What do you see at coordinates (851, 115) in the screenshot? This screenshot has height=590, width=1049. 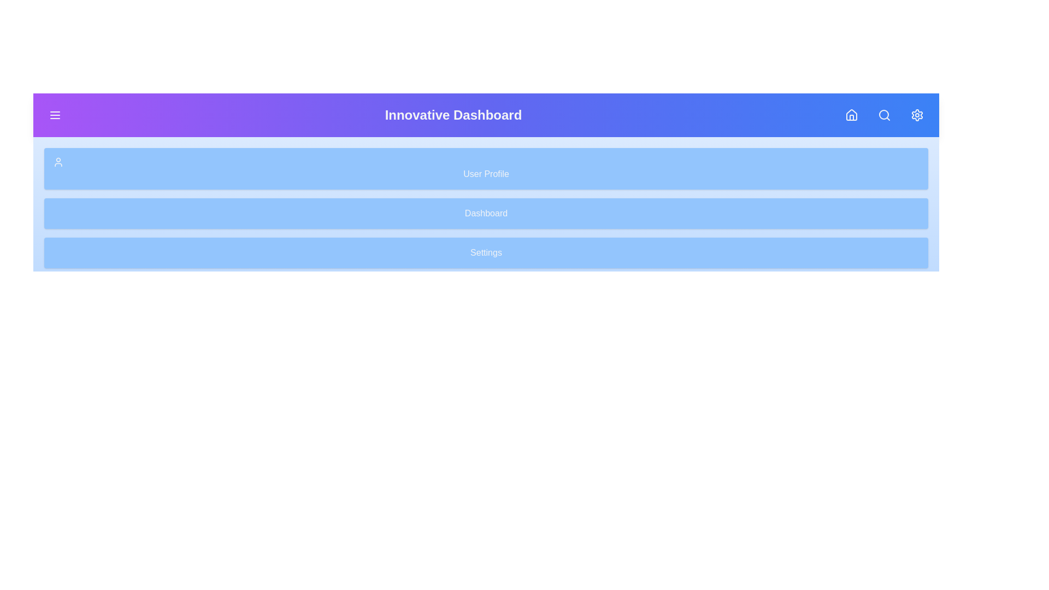 I see `the navigation button Home` at bounding box center [851, 115].